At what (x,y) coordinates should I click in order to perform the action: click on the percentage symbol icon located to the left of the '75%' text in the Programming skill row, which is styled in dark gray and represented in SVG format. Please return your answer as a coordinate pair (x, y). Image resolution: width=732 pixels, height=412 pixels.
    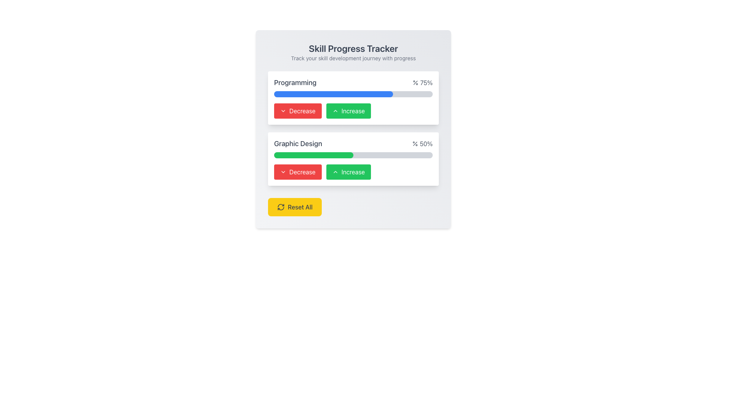
    Looking at the image, I should click on (415, 82).